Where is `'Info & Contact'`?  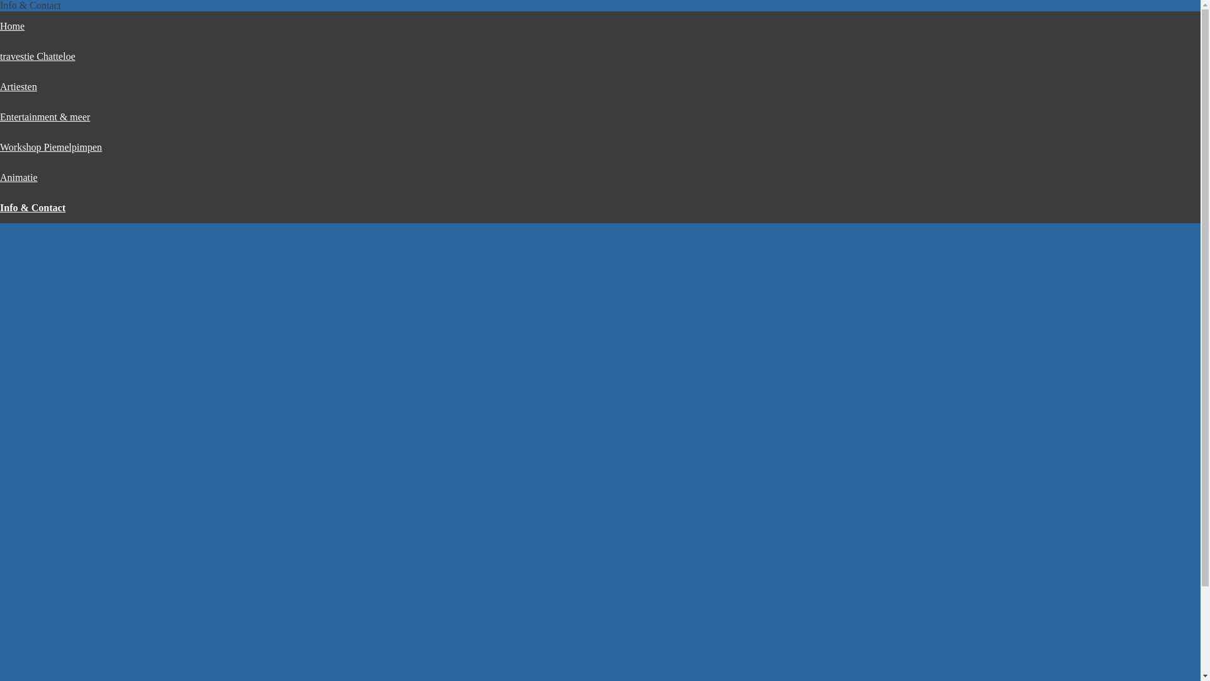 'Info & Contact' is located at coordinates (33, 207).